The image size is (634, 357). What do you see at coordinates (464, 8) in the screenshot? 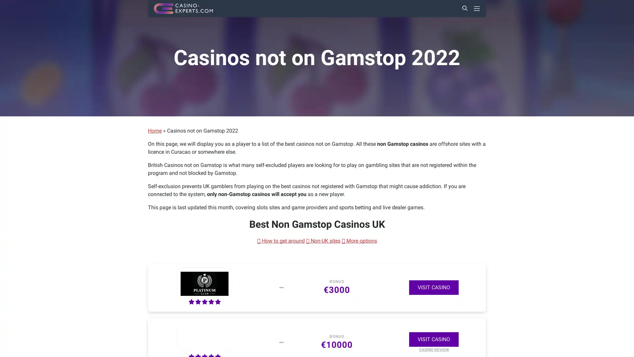
I see `Search` at bounding box center [464, 8].